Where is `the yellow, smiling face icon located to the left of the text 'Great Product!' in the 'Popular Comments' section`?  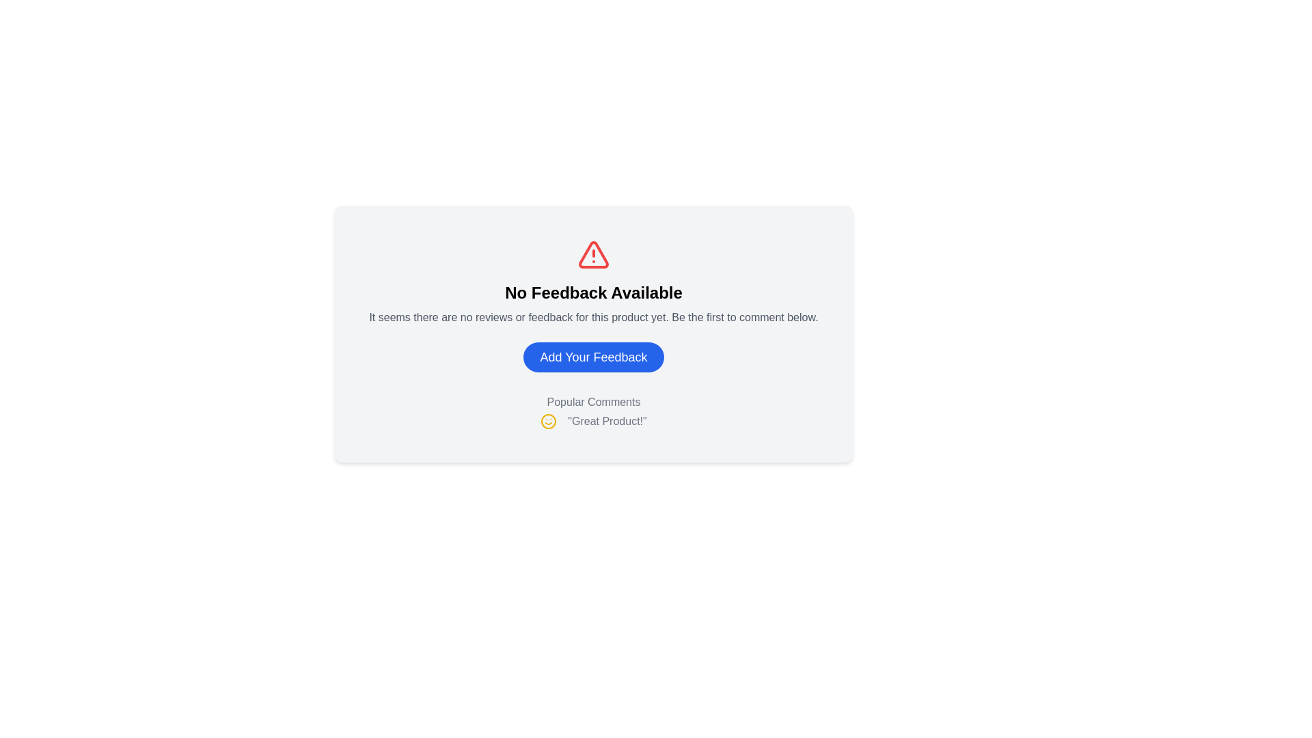 the yellow, smiling face icon located to the left of the text 'Great Product!' in the 'Popular Comments' section is located at coordinates (549, 421).